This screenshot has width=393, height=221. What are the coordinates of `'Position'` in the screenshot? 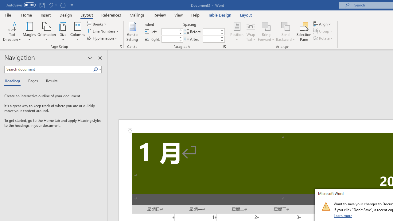 It's located at (236, 32).